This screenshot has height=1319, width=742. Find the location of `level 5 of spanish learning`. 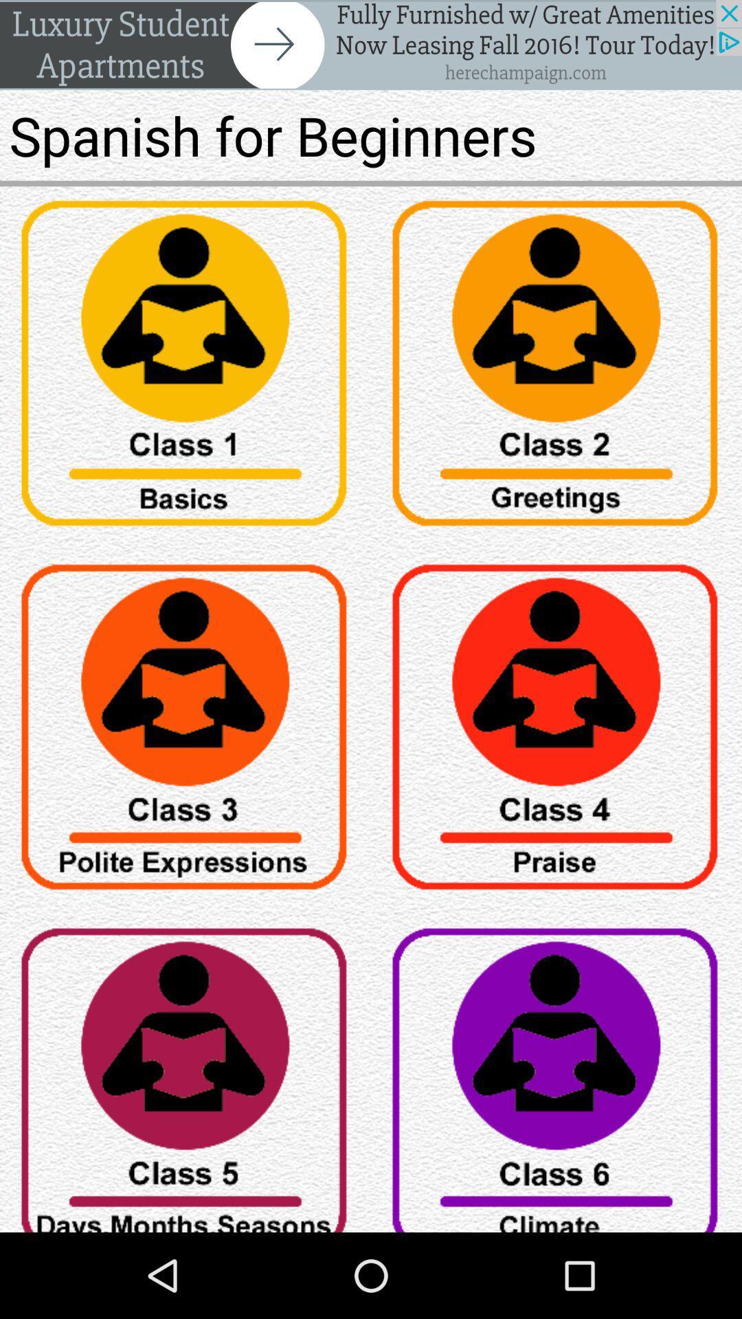

level 5 of spanish learning is located at coordinates (185, 1072).